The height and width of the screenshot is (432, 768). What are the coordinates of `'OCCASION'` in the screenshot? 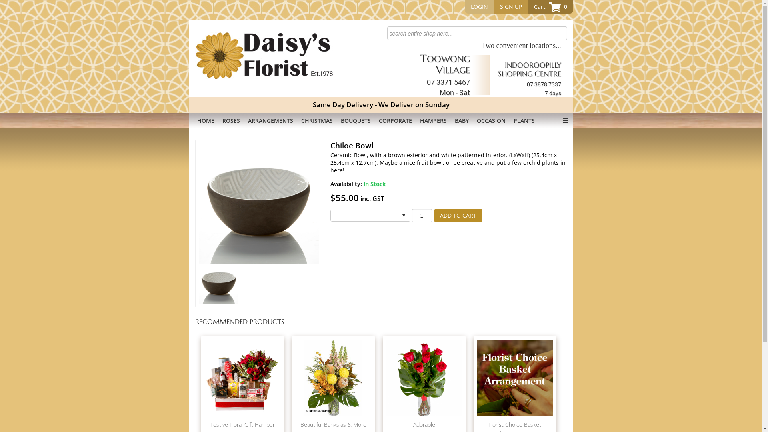 It's located at (491, 120).